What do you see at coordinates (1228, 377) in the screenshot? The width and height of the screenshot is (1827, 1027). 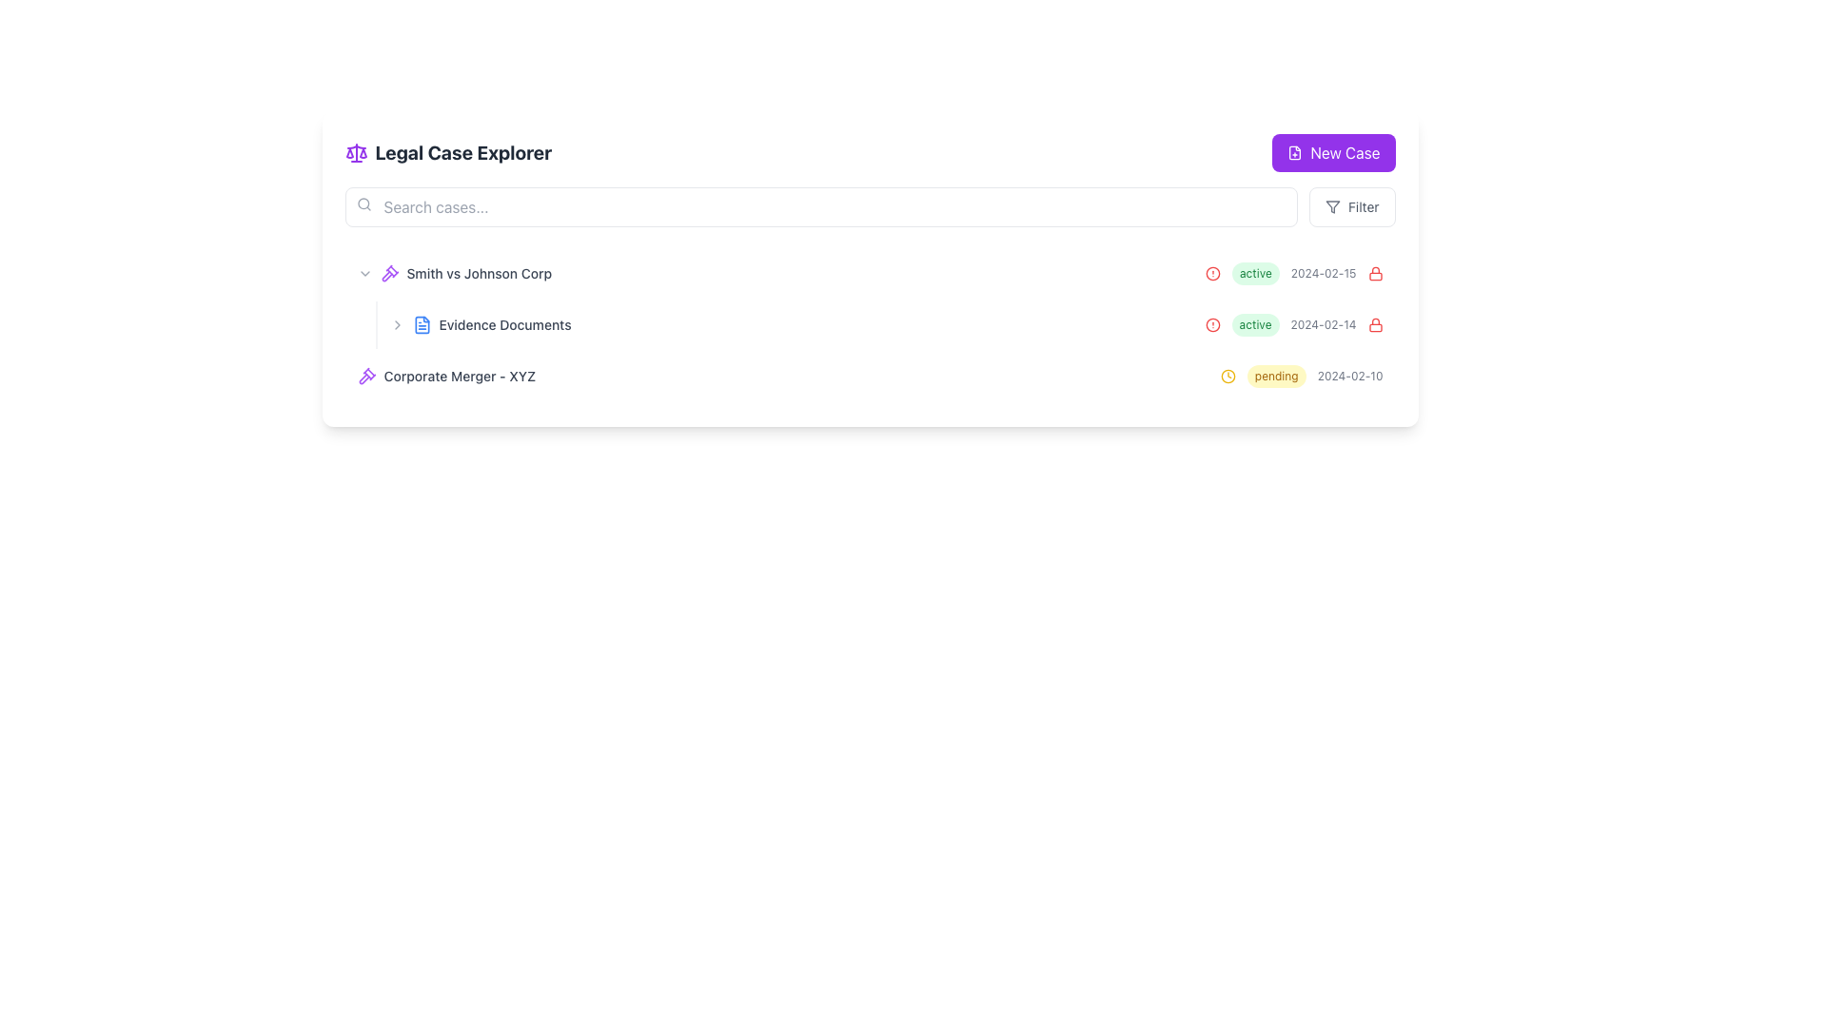 I see `the circular shape of the clock icon indicating time or status, located on the right side of the list entry labeled 'Corporate Merger - XYZ'` at bounding box center [1228, 377].